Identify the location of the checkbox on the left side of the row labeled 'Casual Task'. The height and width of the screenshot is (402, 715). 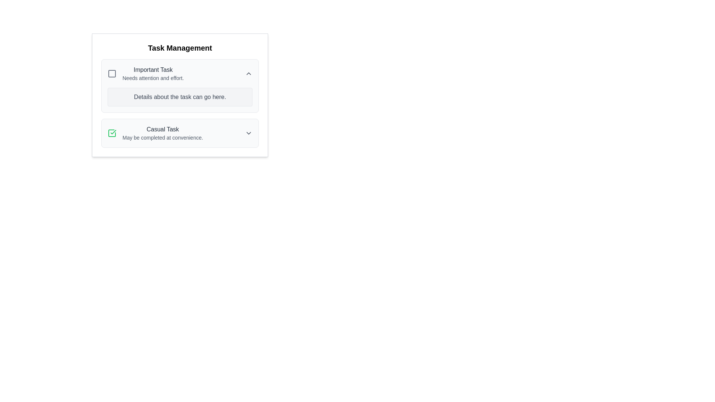
(112, 133).